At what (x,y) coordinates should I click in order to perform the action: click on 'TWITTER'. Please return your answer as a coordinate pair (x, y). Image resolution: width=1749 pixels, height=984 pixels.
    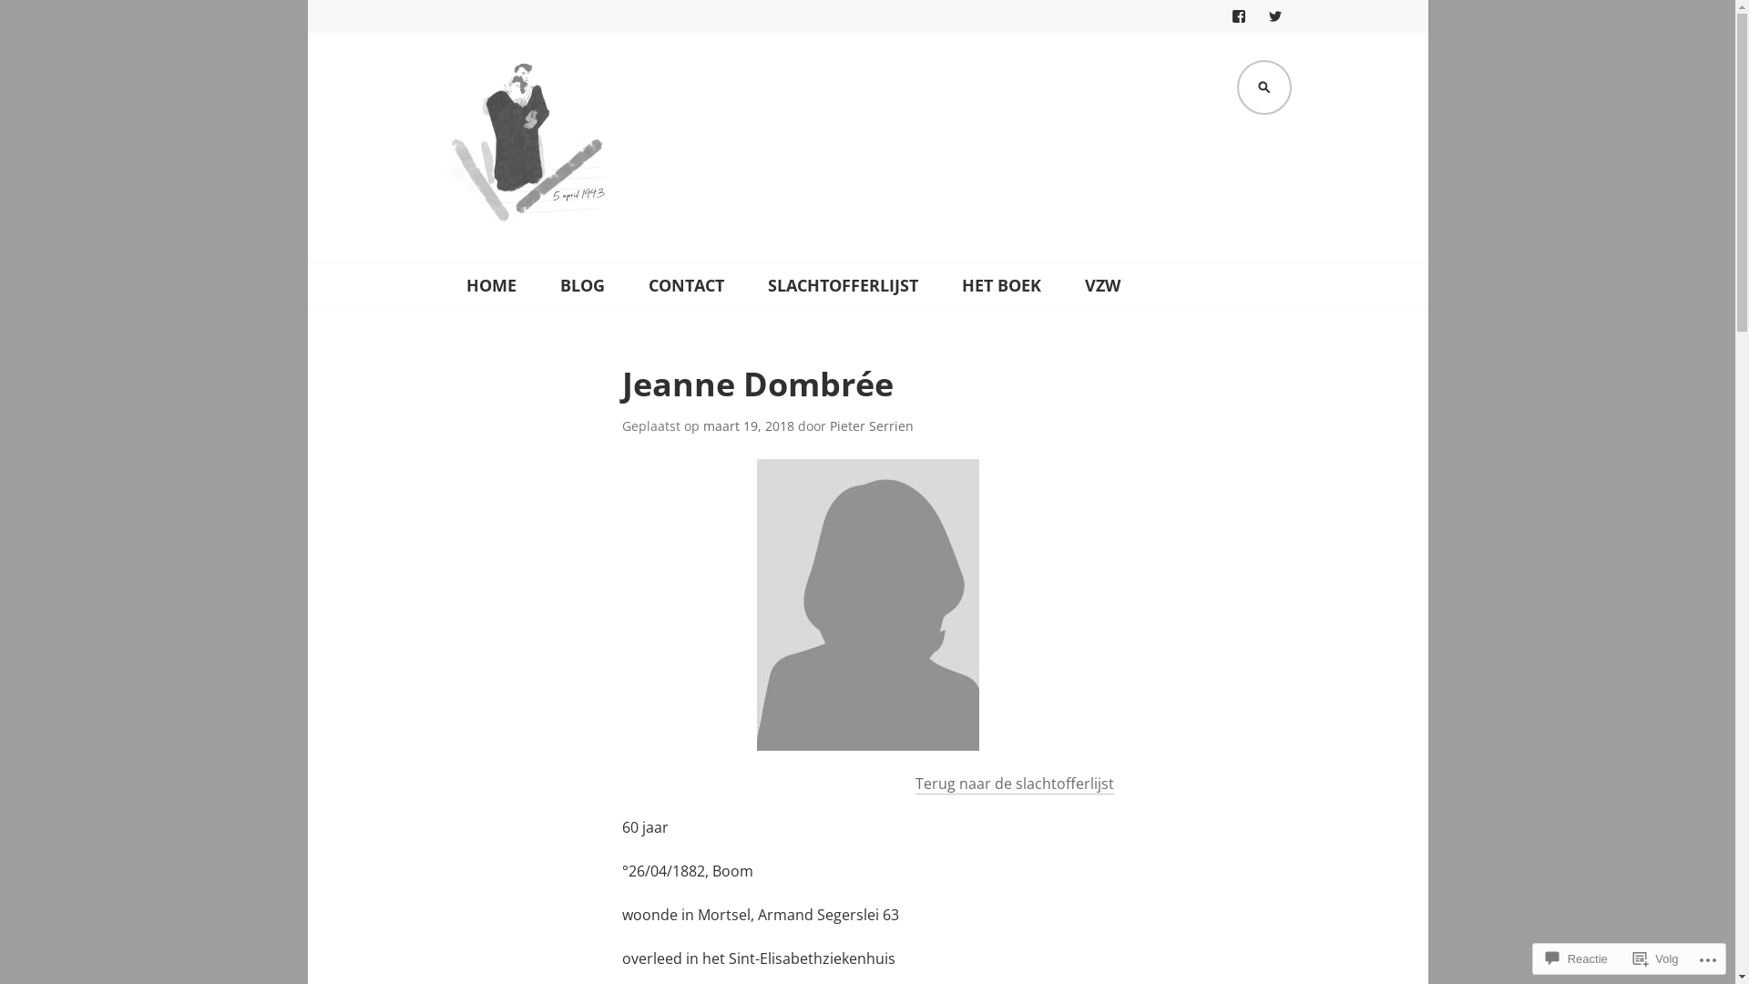
    Looking at the image, I should click on (1274, 16).